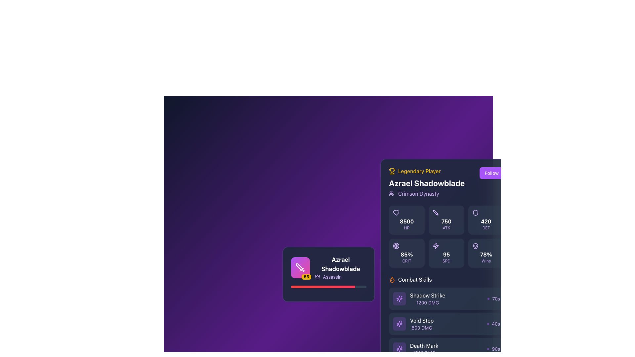  What do you see at coordinates (446, 298) in the screenshot?
I see `the first Clickable skill information block in the combat skills list` at bounding box center [446, 298].